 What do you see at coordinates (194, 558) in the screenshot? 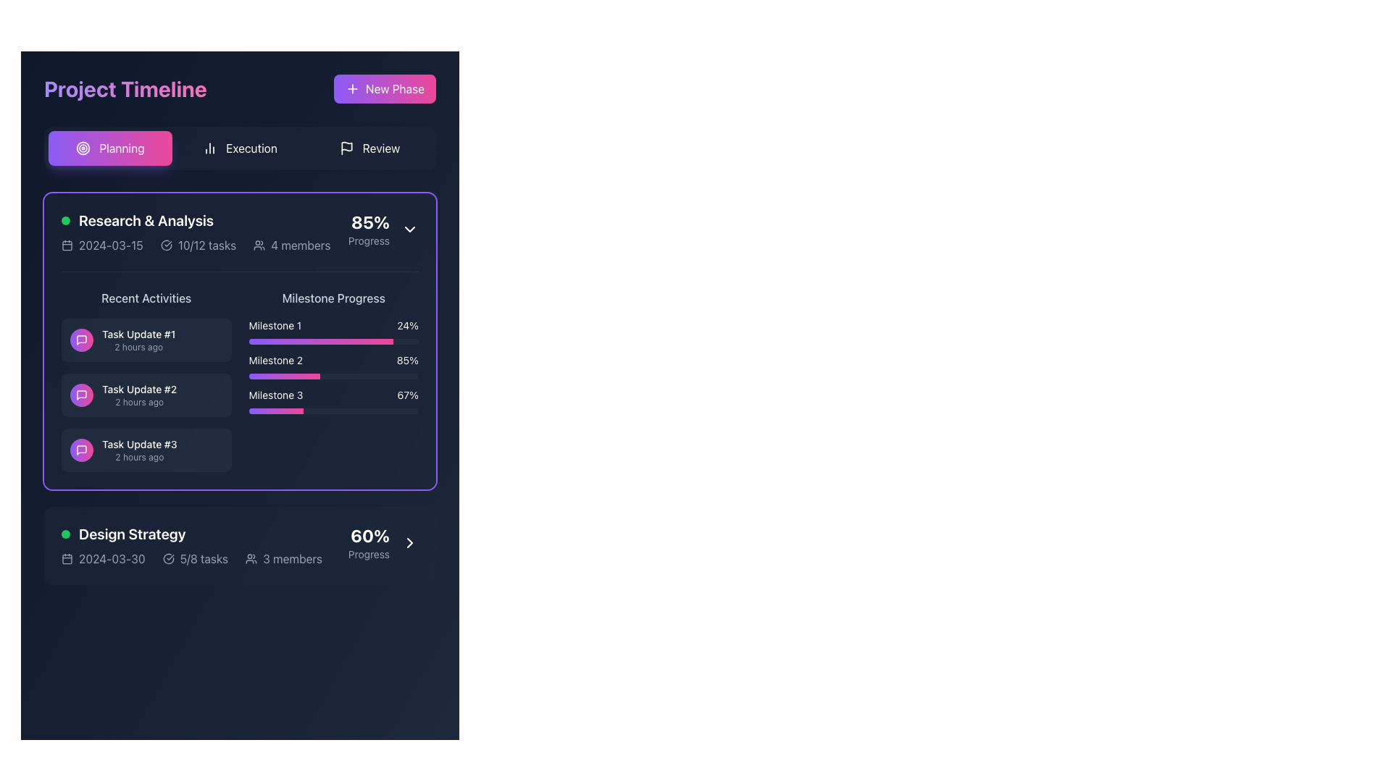
I see `the progress icon indicating 5 out of 8 completed tasks in the 'Design Strategy' section, positioned between the date display and user count` at bounding box center [194, 558].